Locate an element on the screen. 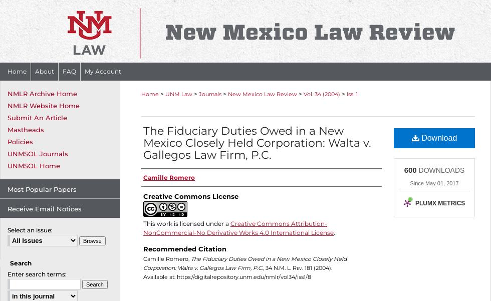 The image size is (491, 301). 'Available at:
        https://digitalrepository.unm.edu/nmlr/vol34/iss1/8' is located at coordinates (227, 276).